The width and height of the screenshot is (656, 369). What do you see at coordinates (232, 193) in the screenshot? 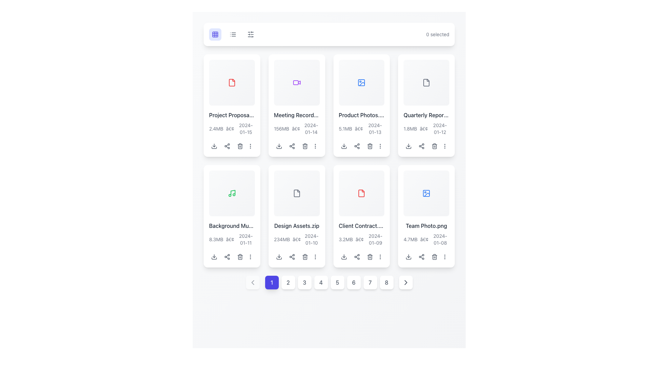
I see `the audio file icon representing 'Background Music.mp3' located in the second row, first column of the grid layout` at bounding box center [232, 193].